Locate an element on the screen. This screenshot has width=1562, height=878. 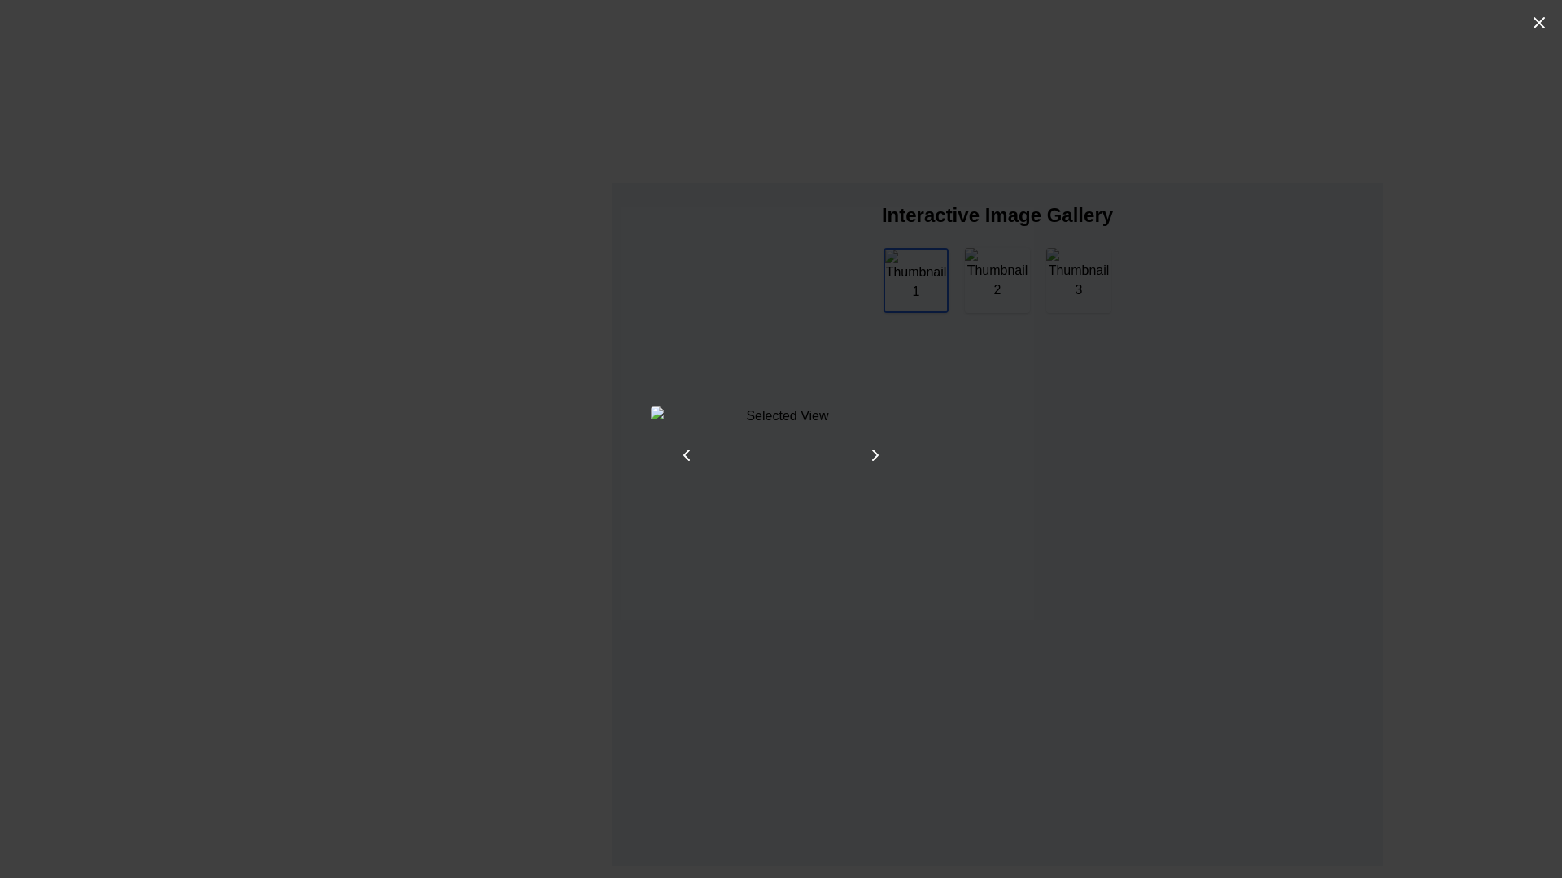
the interactive Thumbnail image labeled 'Thumbnail 3' to trigger the visual scale effect is located at coordinates (1078, 279).